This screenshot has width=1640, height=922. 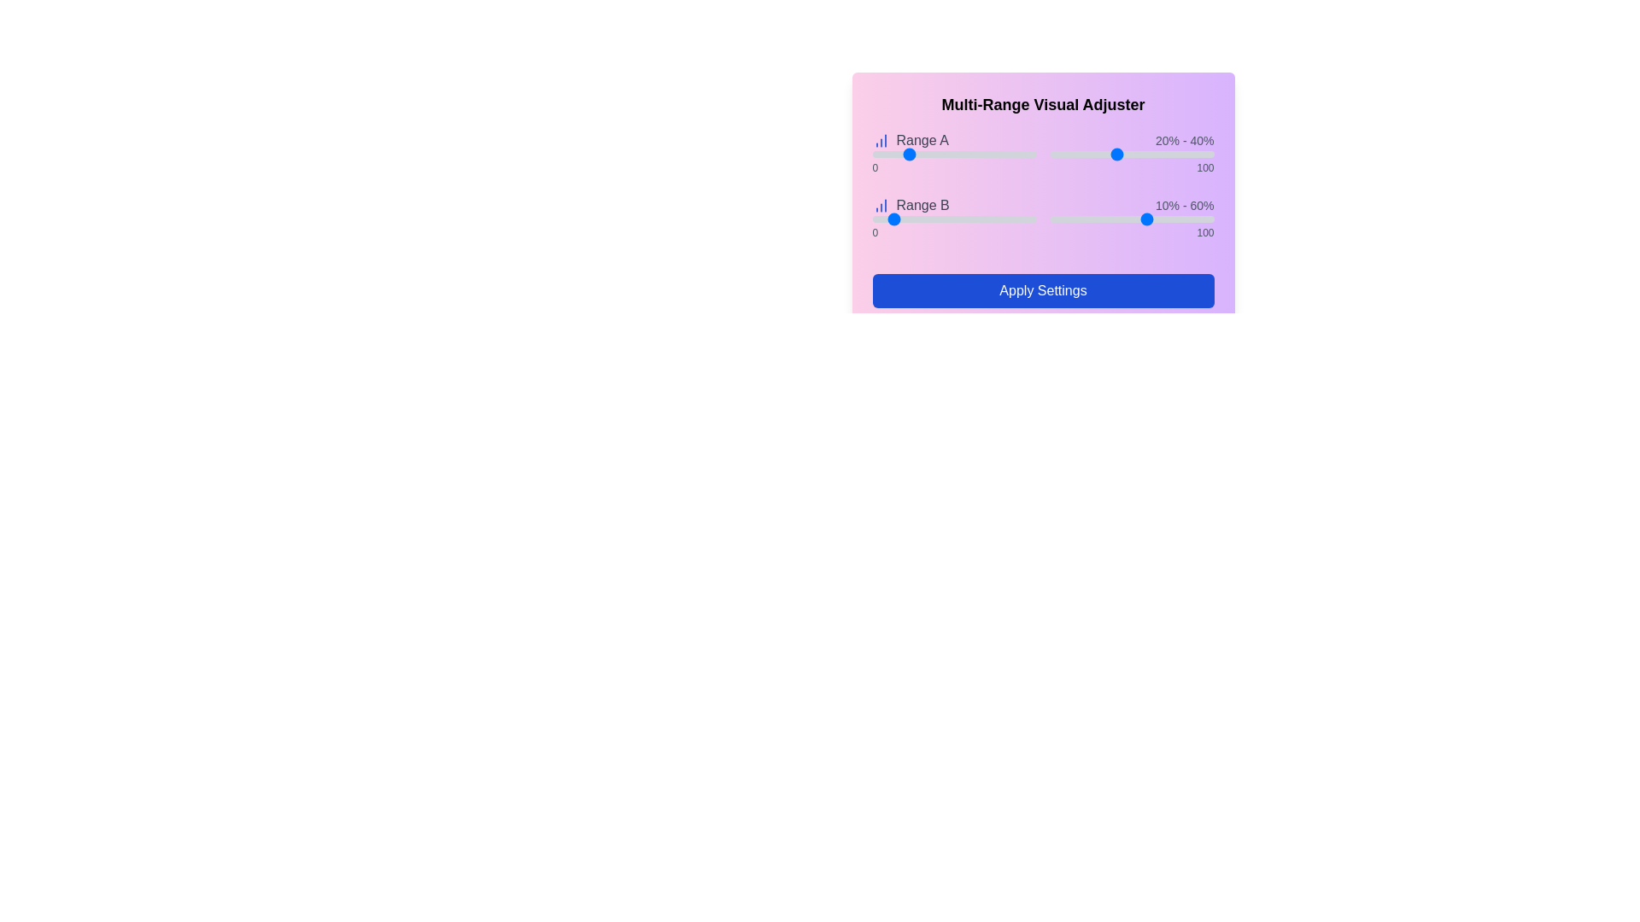 What do you see at coordinates (914, 219) in the screenshot?
I see `the Range B slider position` at bounding box center [914, 219].